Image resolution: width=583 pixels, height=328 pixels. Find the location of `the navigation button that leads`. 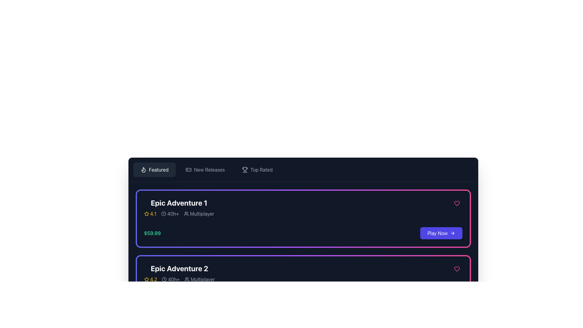

the navigation button that leads is located at coordinates (205, 170).